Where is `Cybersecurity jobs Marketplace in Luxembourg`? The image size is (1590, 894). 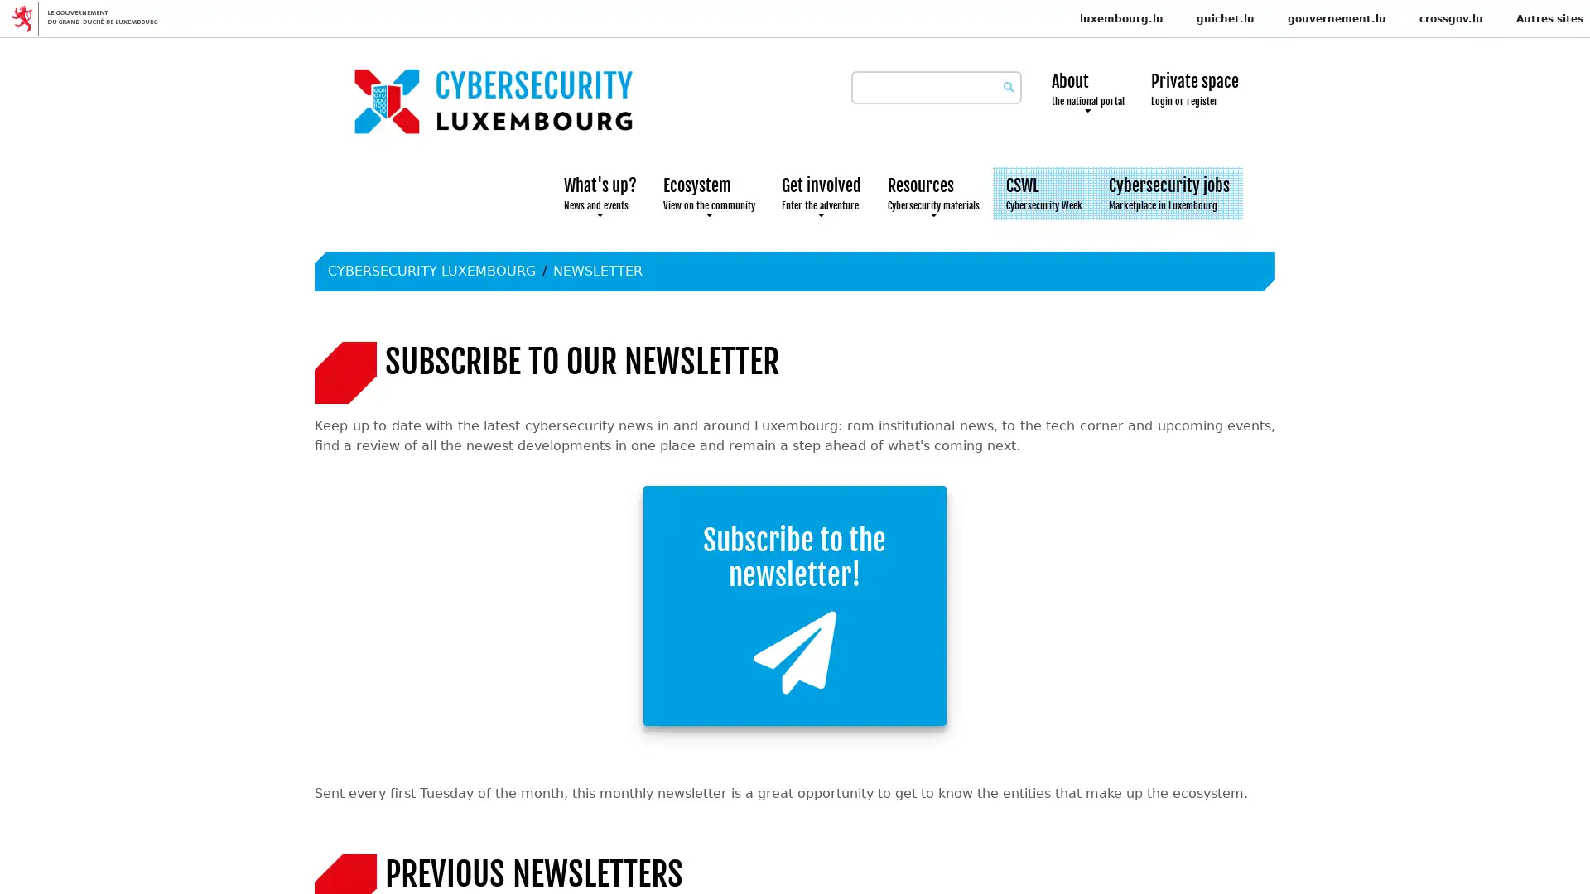 Cybersecurity jobs Marketplace in Luxembourg is located at coordinates (1168, 193).